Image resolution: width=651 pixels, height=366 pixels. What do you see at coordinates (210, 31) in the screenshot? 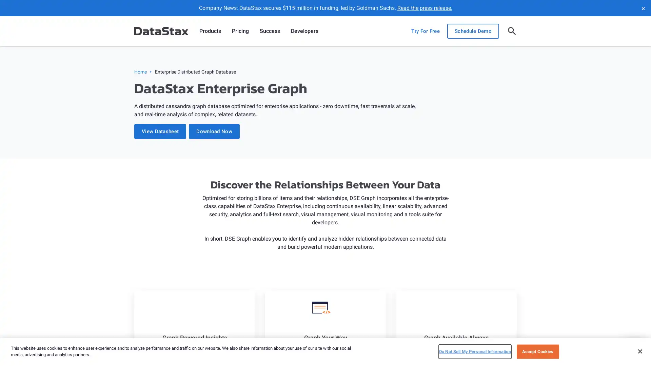
I see `Products` at bounding box center [210, 31].